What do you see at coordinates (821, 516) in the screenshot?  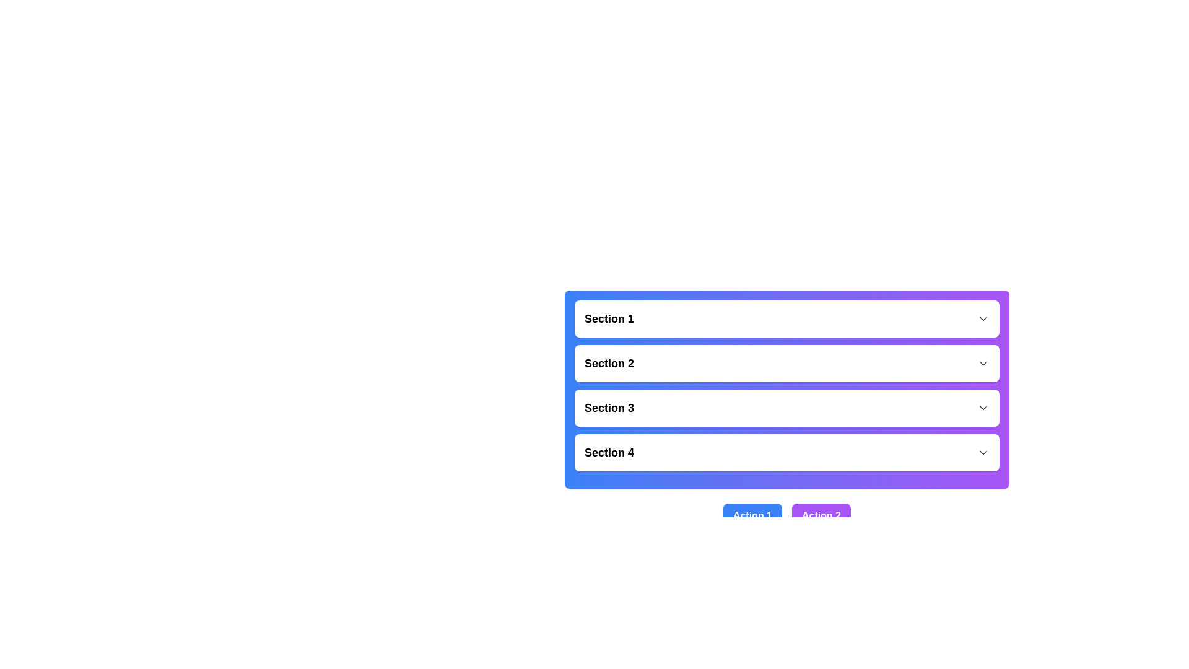 I see `the purple button labeled 'Action 2' with white text and rounded corners` at bounding box center [821, 516].